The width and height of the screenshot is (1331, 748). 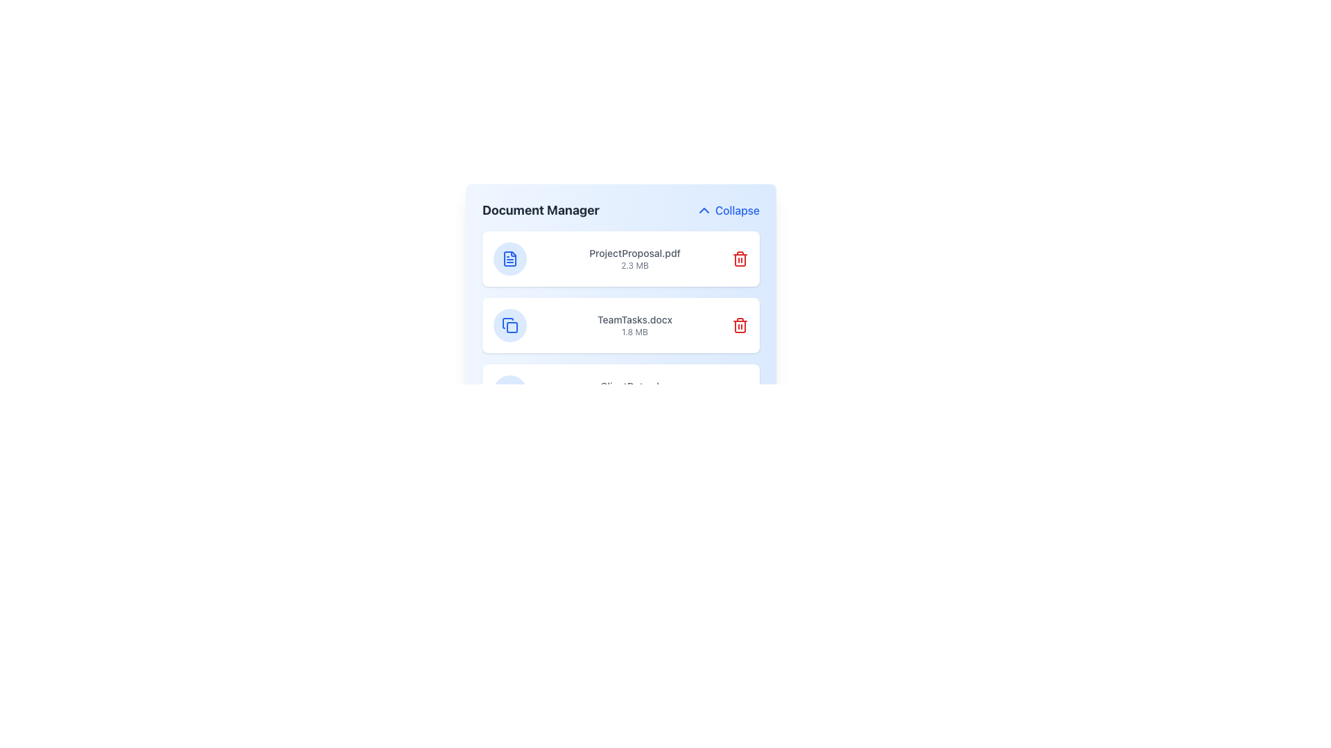 What do you see at coordinates (634, 259) in the screenshot?
I see `the text display component labeled 'ProjectProposal.pdf' in the Document Manager` at bounding box center [634, 259].